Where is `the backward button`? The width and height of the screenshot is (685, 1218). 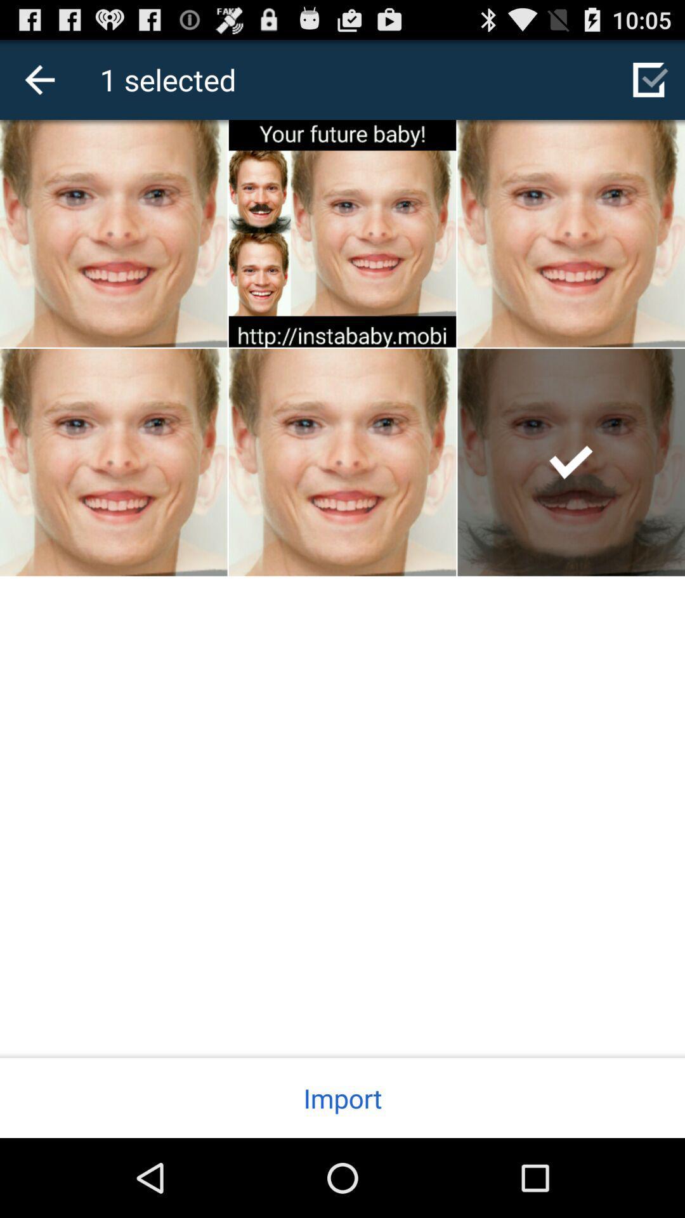
the backward button is located at coordinates (39, 79).